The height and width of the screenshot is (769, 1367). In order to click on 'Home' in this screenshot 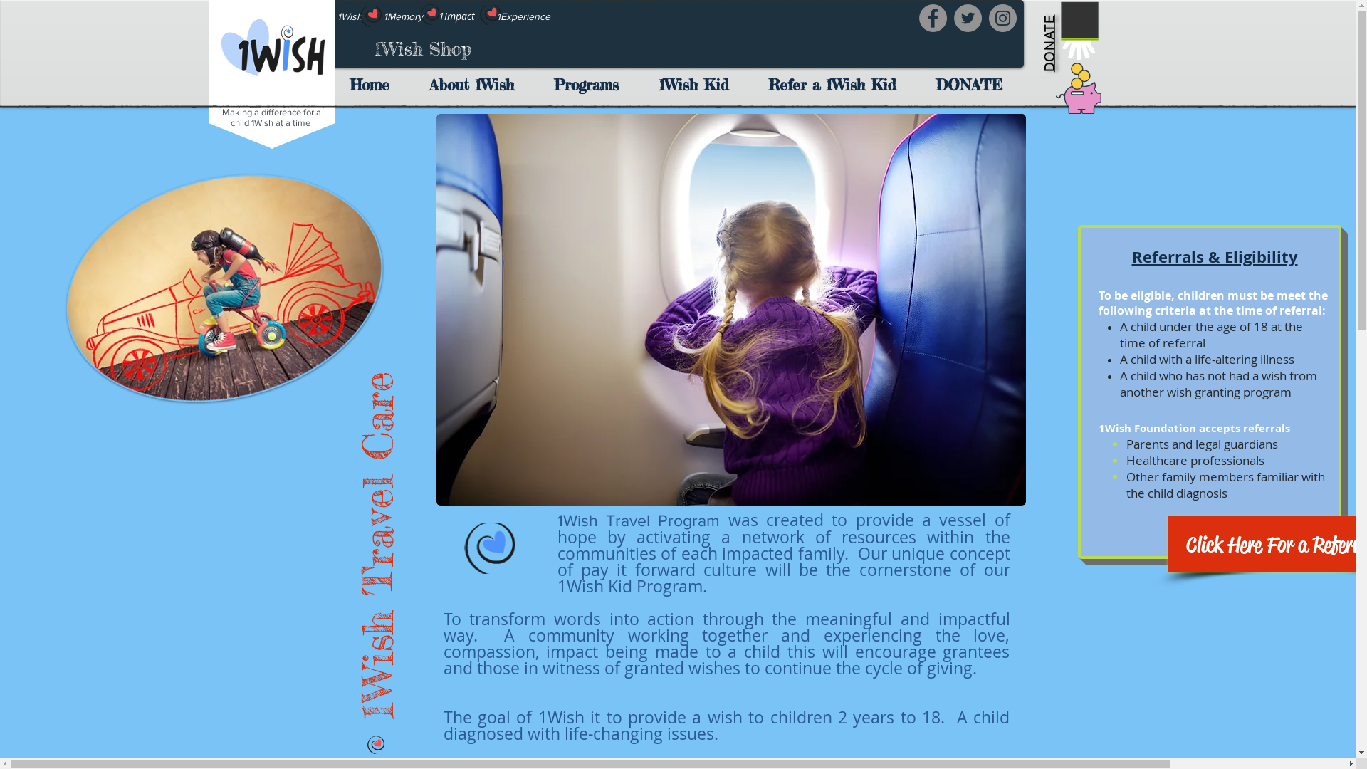, I will do `click(334, 83)`.